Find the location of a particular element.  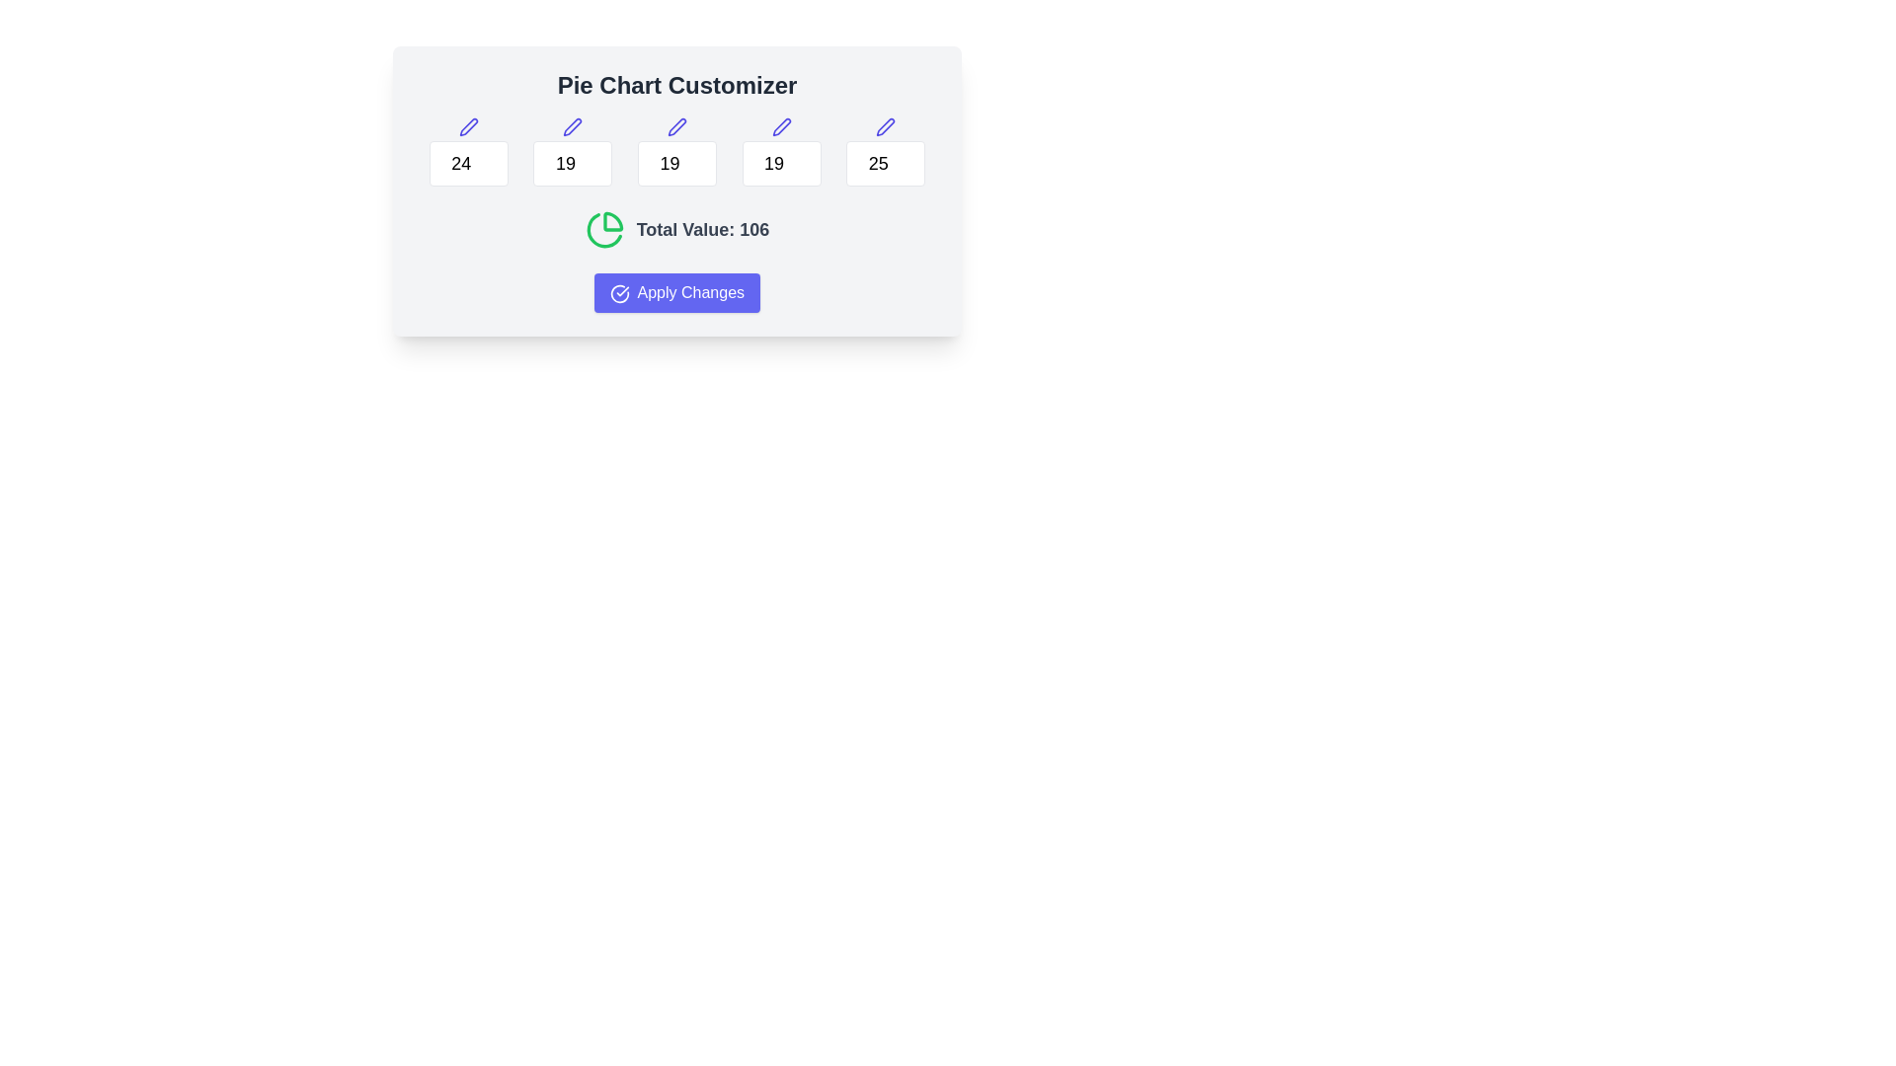

the blue button labeled 'Apply Changes' with a checkmark icon to observe any hover effects is located at coordinates (677, 293).